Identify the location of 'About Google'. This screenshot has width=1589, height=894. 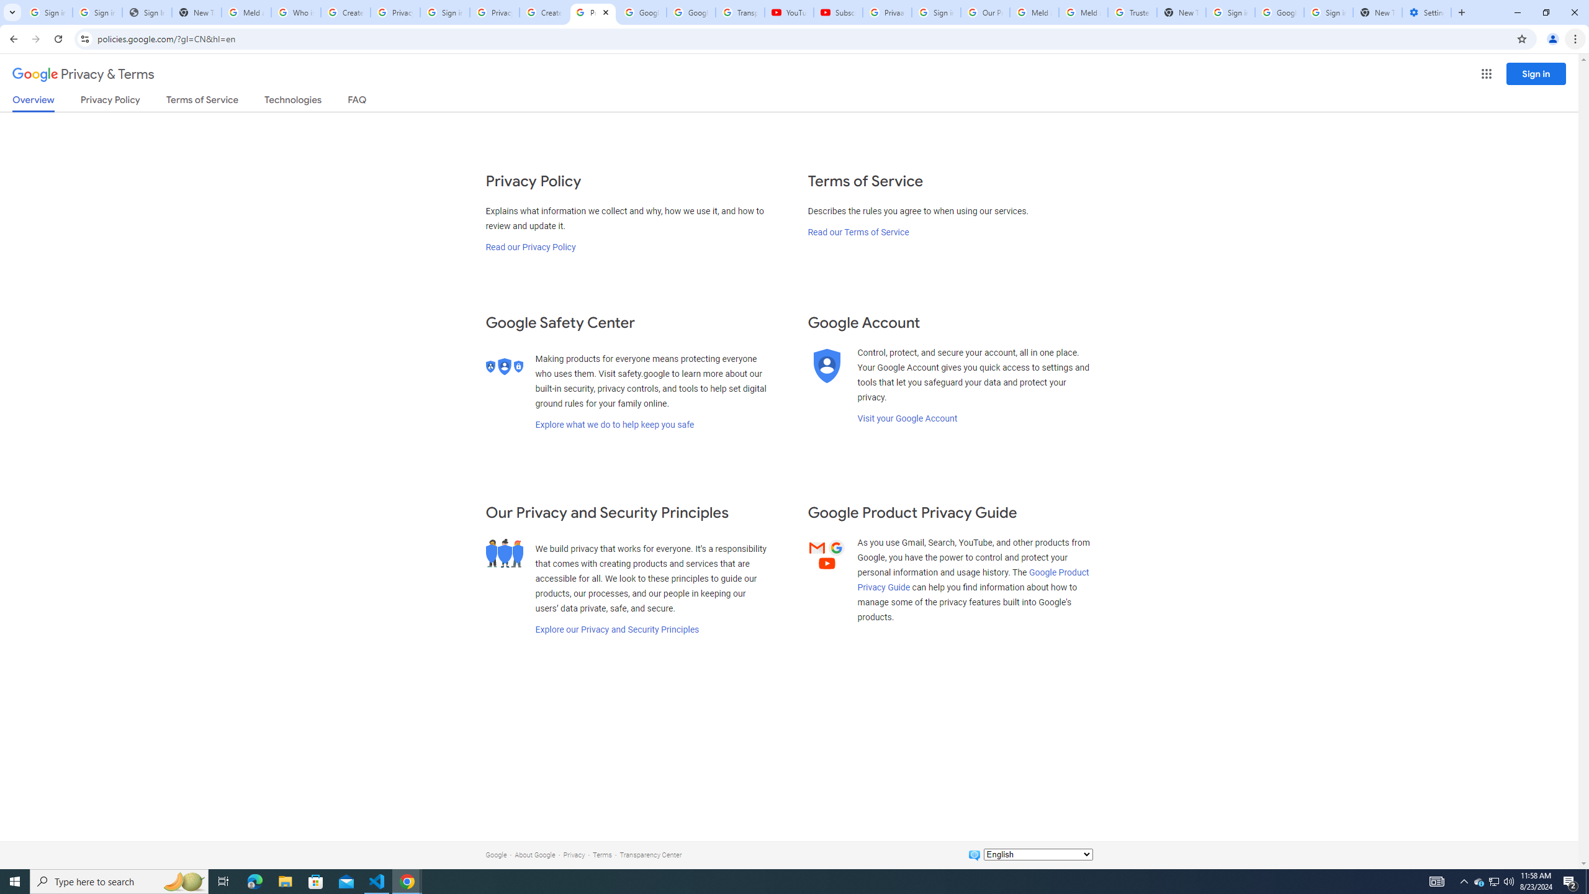
(534, 854).